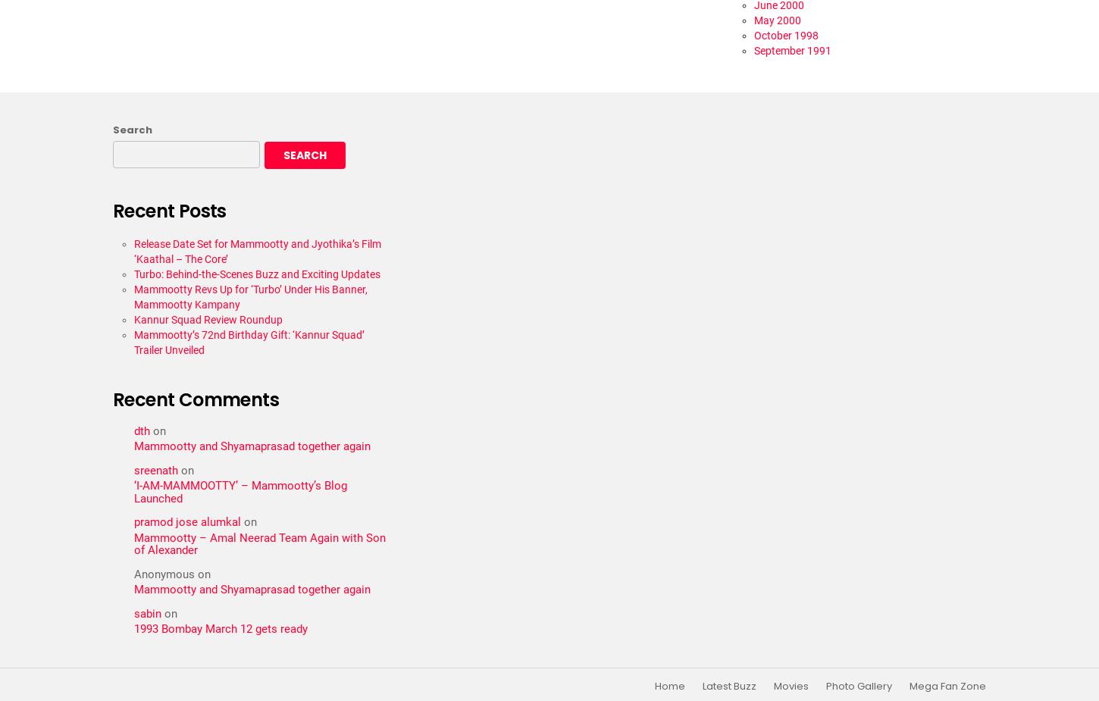  Describe the element at coordinates (147, 613) in the screenshot. I see `'sabin'` at that location.